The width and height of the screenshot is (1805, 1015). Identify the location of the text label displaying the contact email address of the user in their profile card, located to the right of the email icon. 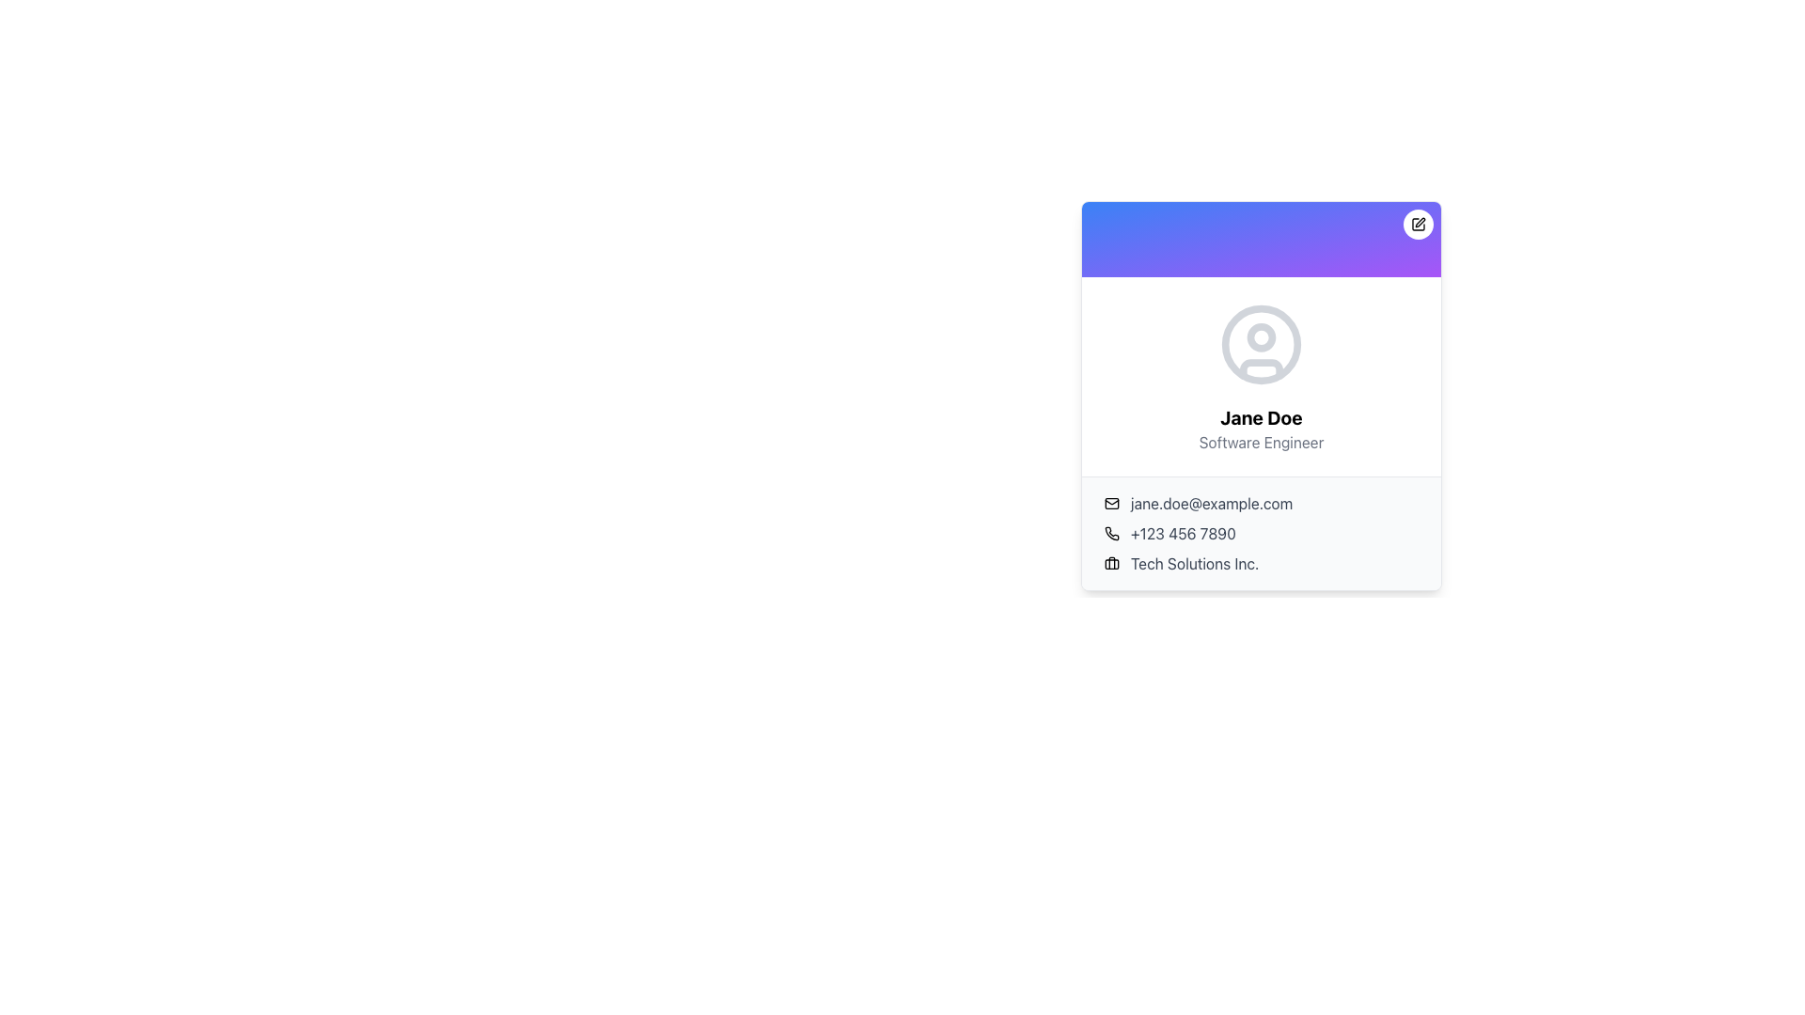
(1212, 503).